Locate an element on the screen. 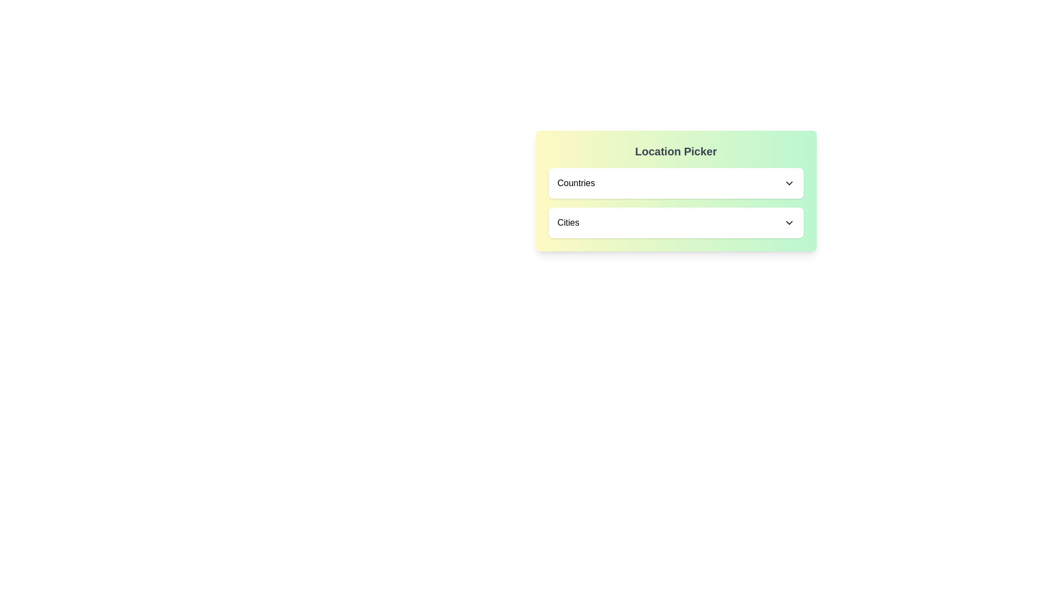 This screenshot has height=593, width=1054. text label displaying 'Cities' which is positioned in a dropdown selection interface above a chevron icon is located at coordinates (568, 222).